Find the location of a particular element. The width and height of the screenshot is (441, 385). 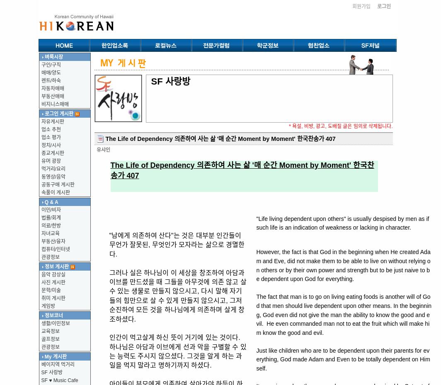

'인간이 먹고살게 하신 뜻이 거기에 있는 것이다. 하나님은 아담과 이브에게 										선과 악을 구별할 수 있는 능력도 주시지 않으셨다. 그것을 알게 하는 										과일을 먹지 말라고 명하기까지 하셨다.' is located at coordinates (177, 351).